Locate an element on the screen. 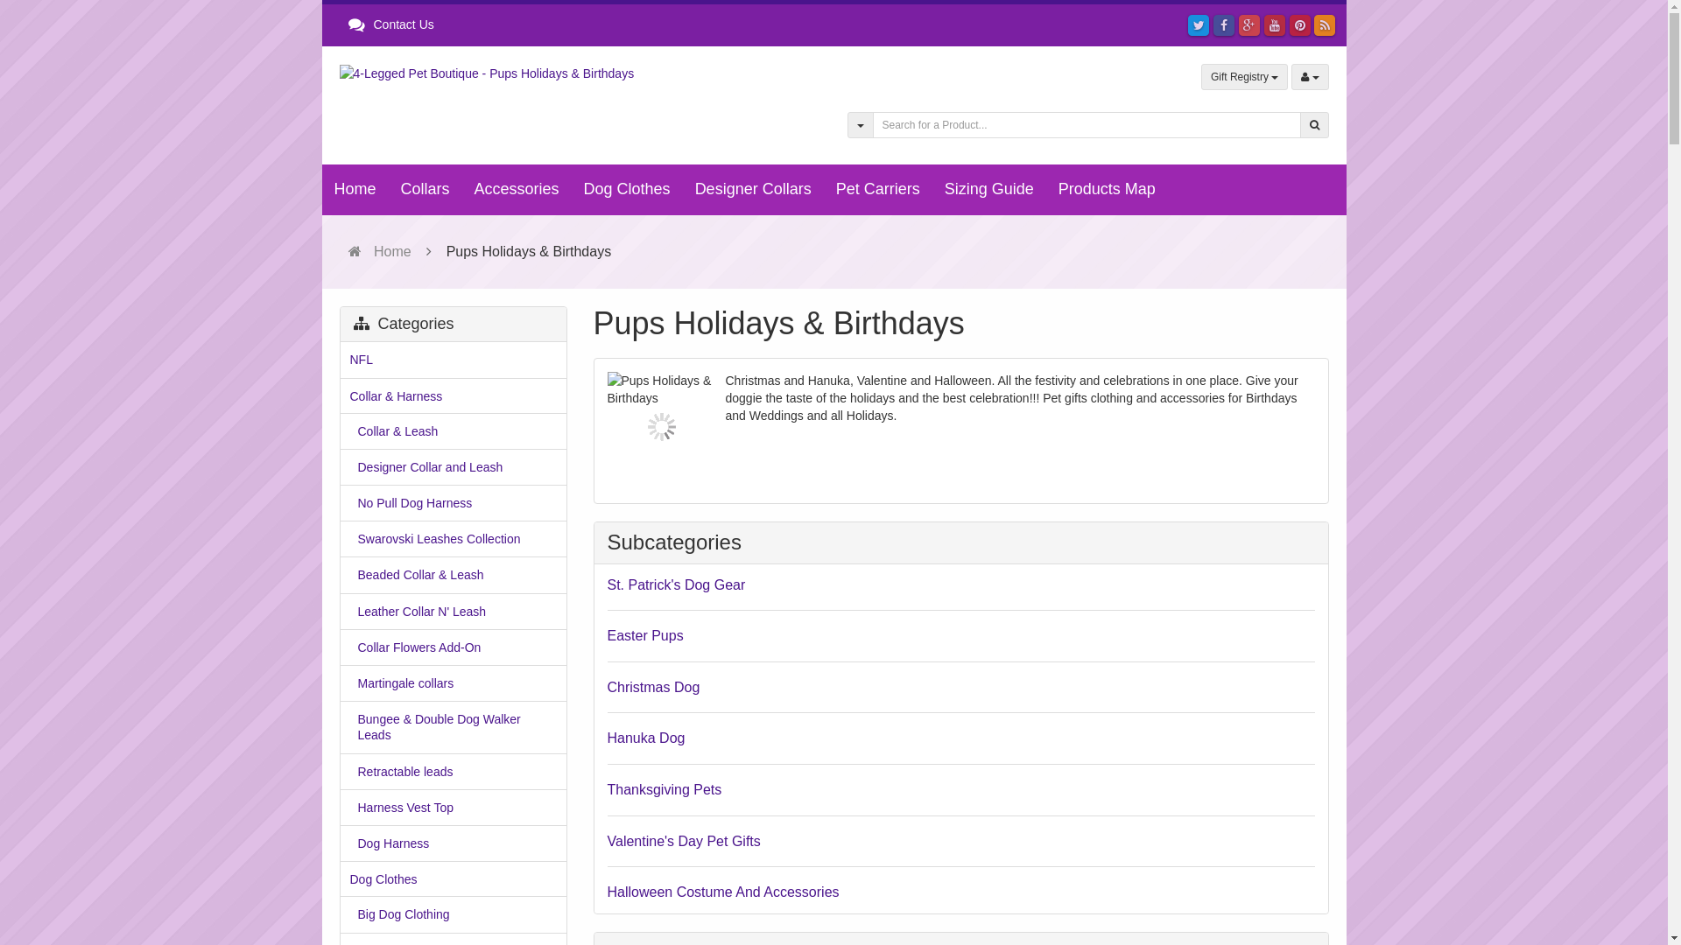 This screenshot has width=1681, height=945. 'Products Map' is located at coordinates (1106, 189).